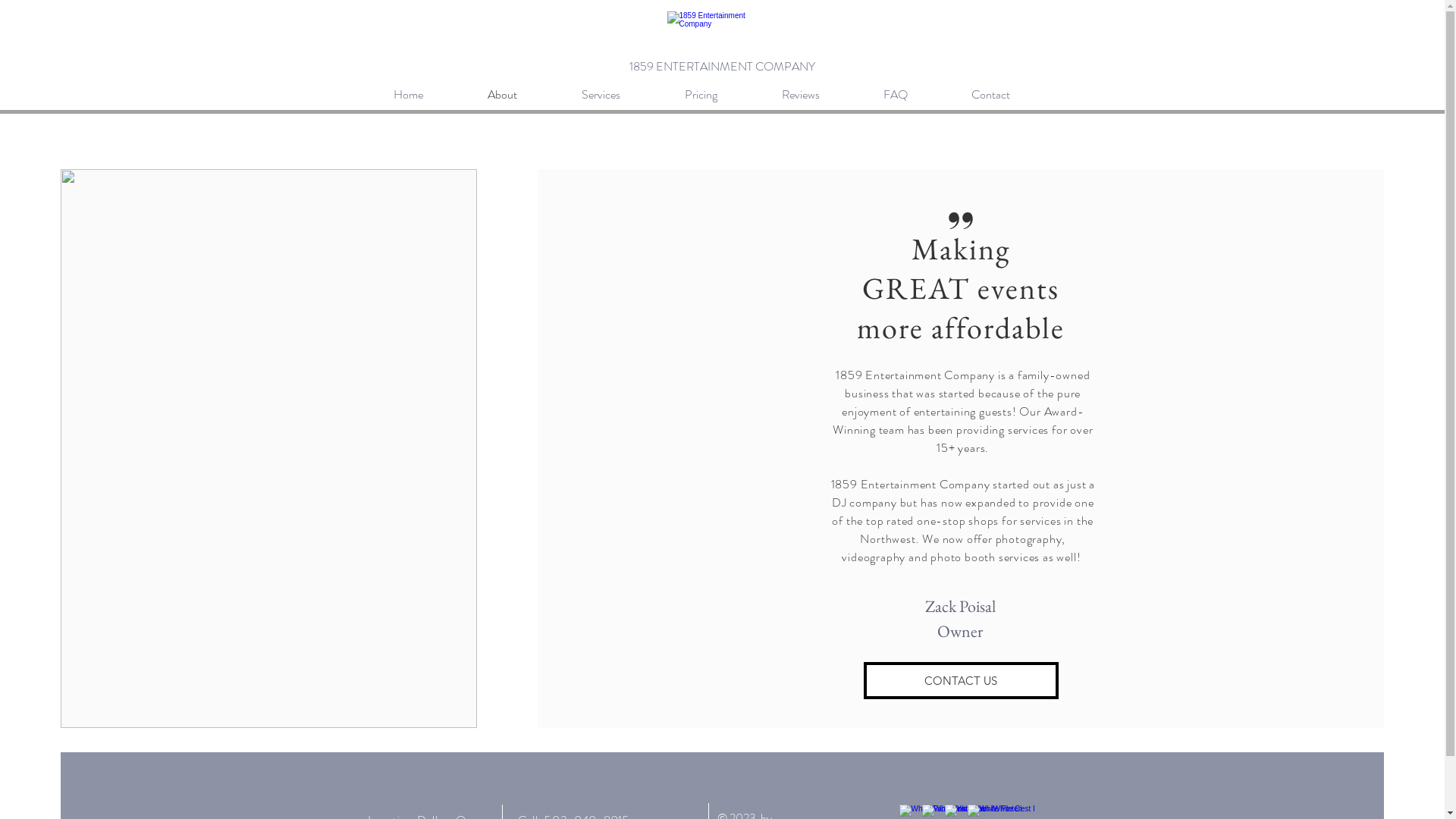  I want to click on 'FAQ', so click(915, 94).